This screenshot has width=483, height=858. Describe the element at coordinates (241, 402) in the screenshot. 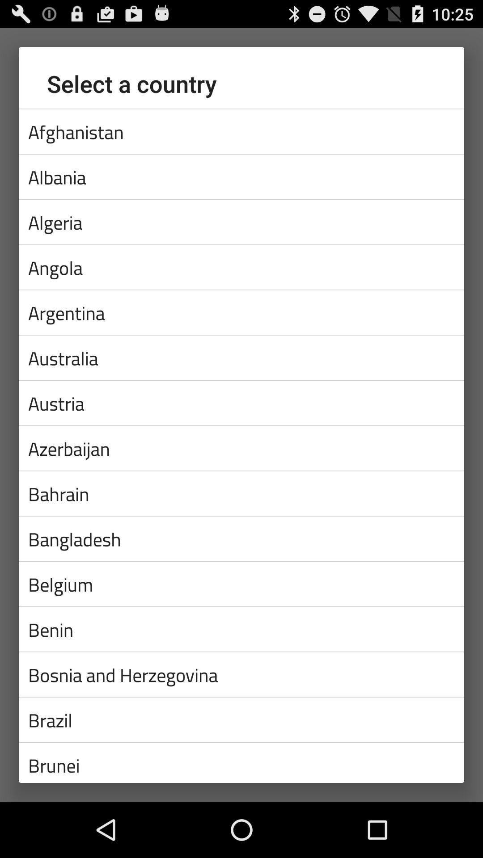

I see `the austria` at that location.